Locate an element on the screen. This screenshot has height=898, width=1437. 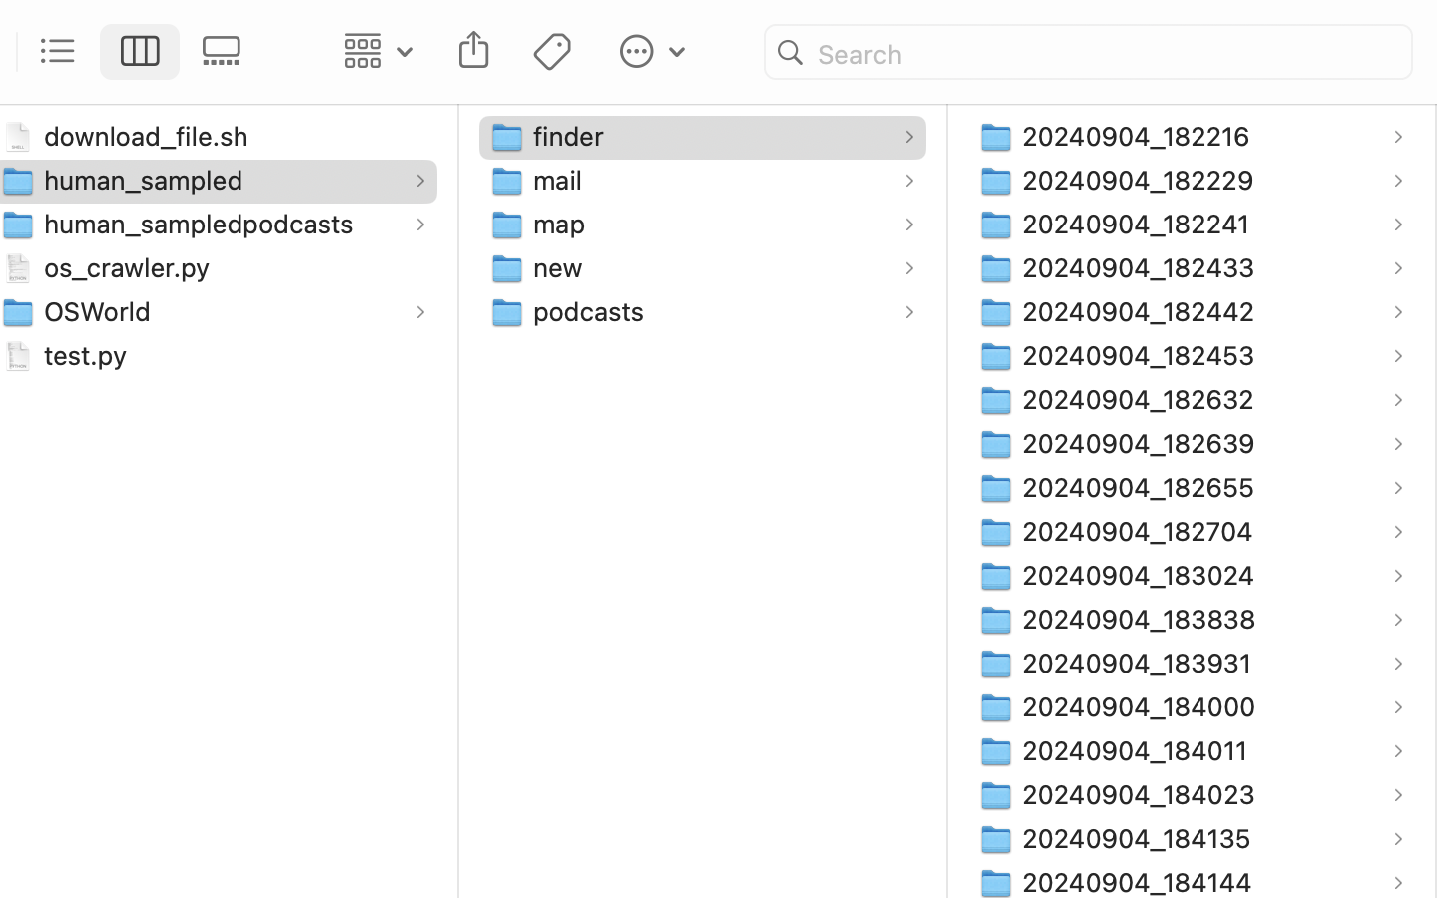
'20240904_184023' is located at coordinates (1142, 793).